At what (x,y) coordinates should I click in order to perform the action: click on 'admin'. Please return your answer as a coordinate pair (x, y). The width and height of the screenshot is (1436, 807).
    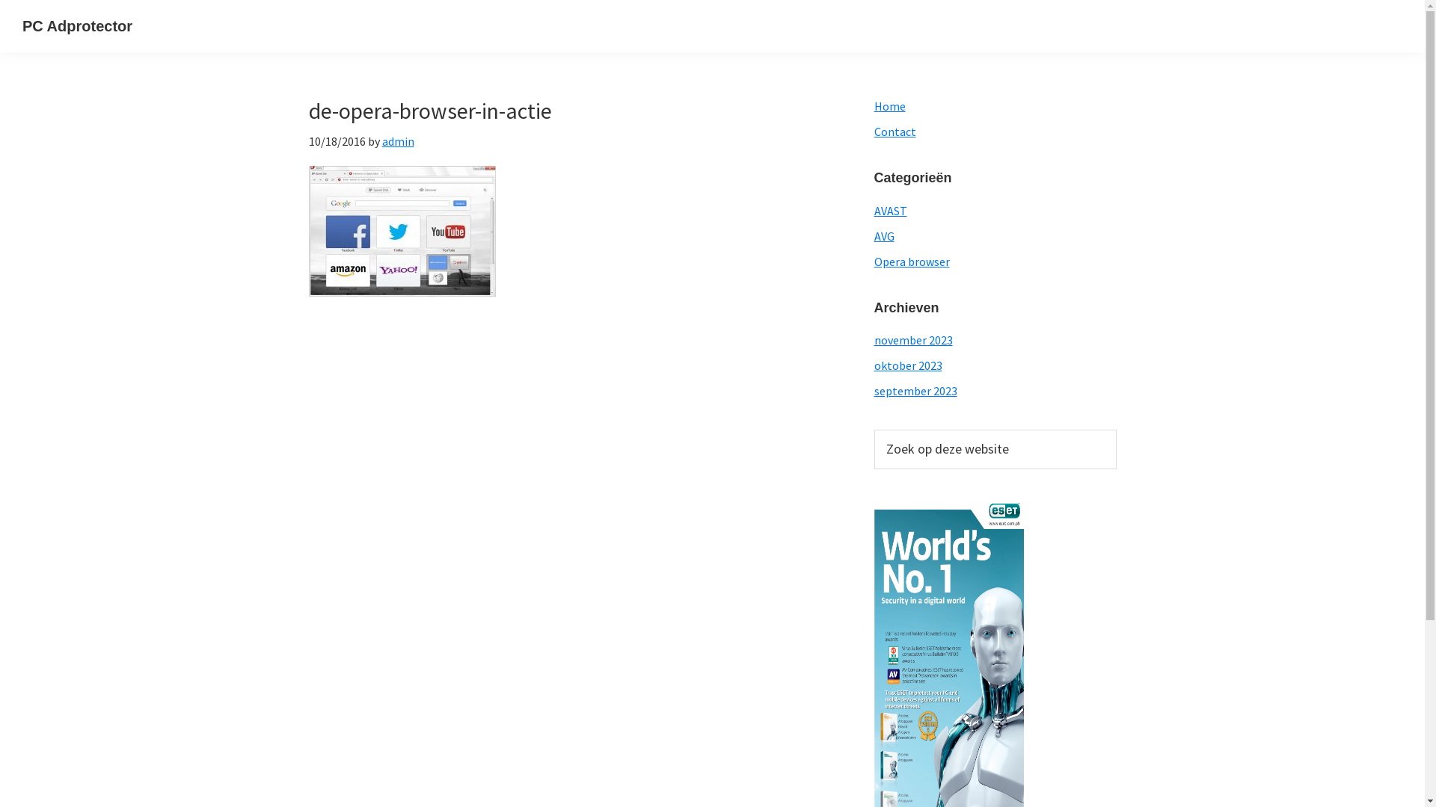
    Looking at the image, I should click on (397, 141).